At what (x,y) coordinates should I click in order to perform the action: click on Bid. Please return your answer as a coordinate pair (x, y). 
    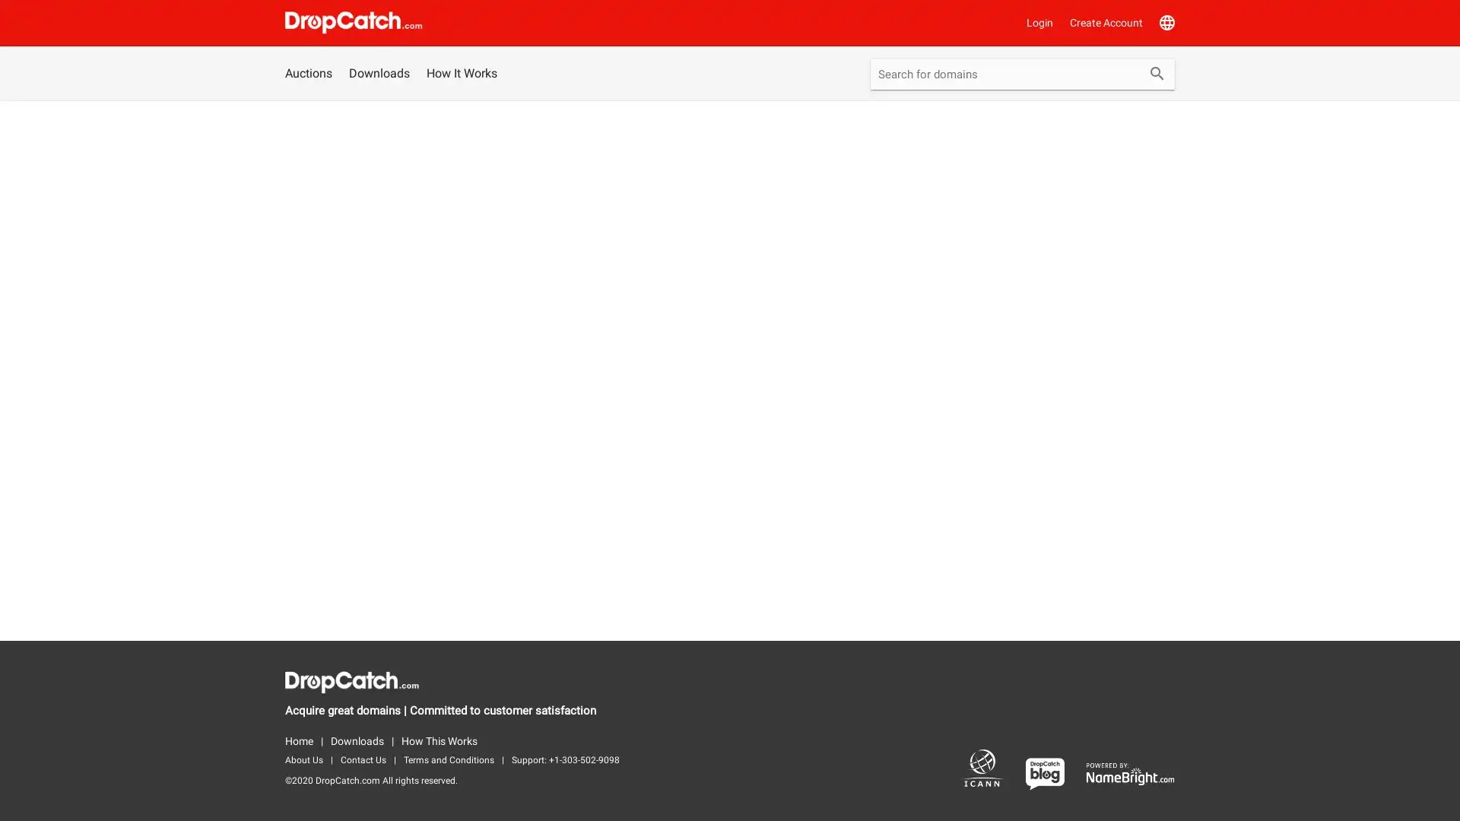
    Looking at the image, I should click on (1142, 658).